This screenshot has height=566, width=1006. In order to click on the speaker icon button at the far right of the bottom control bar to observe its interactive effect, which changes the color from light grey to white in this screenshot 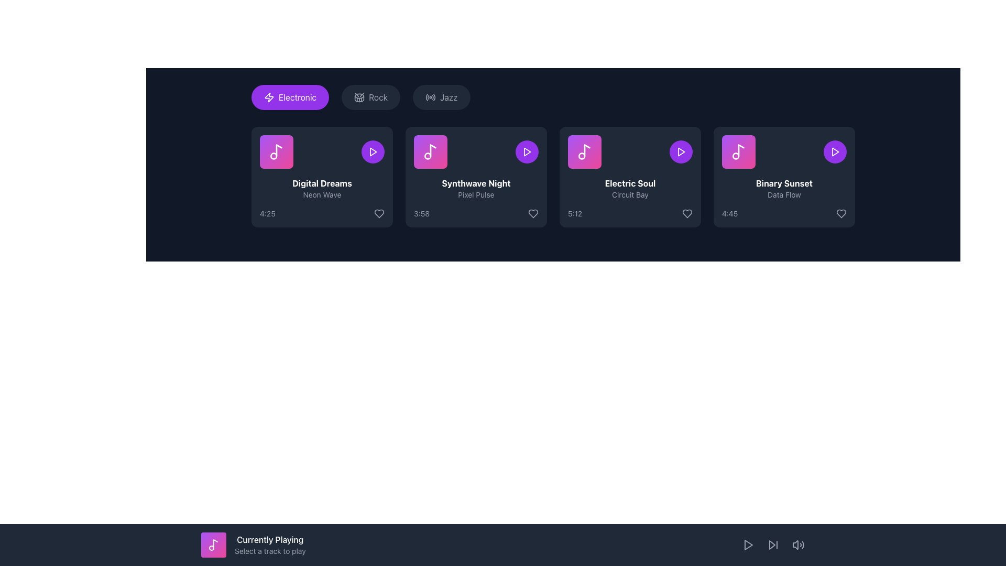, I will do `click(797, 545)`.